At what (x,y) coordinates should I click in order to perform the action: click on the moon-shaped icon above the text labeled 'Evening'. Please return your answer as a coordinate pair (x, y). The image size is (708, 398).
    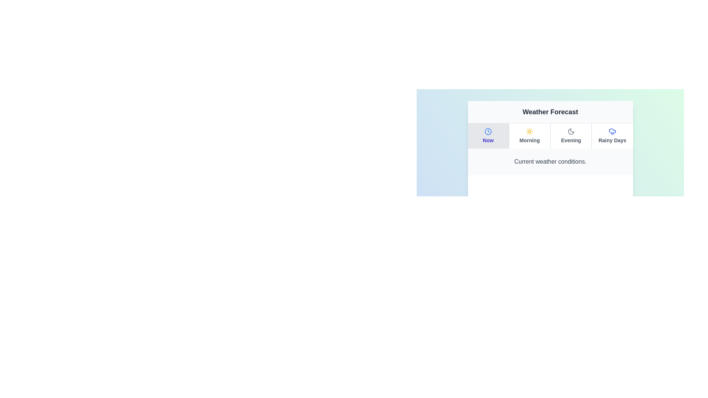
    Looking at the image, I should click on (570, 131).